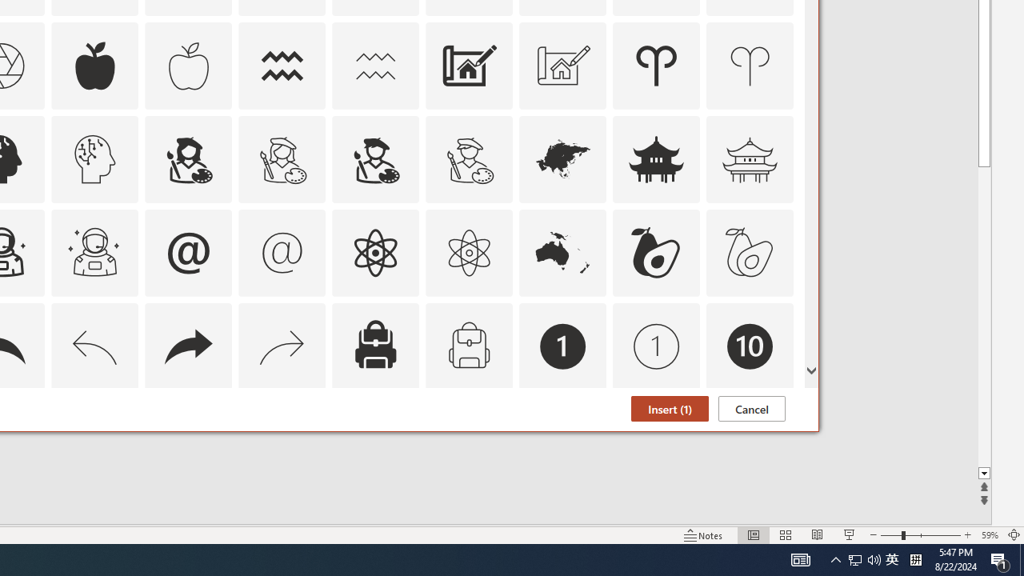  What do you see at coordinates (374, 158) in the screenshot?
I see `'AutomationID: Icons_ArtistMale'` at bounding box center [374, 158].